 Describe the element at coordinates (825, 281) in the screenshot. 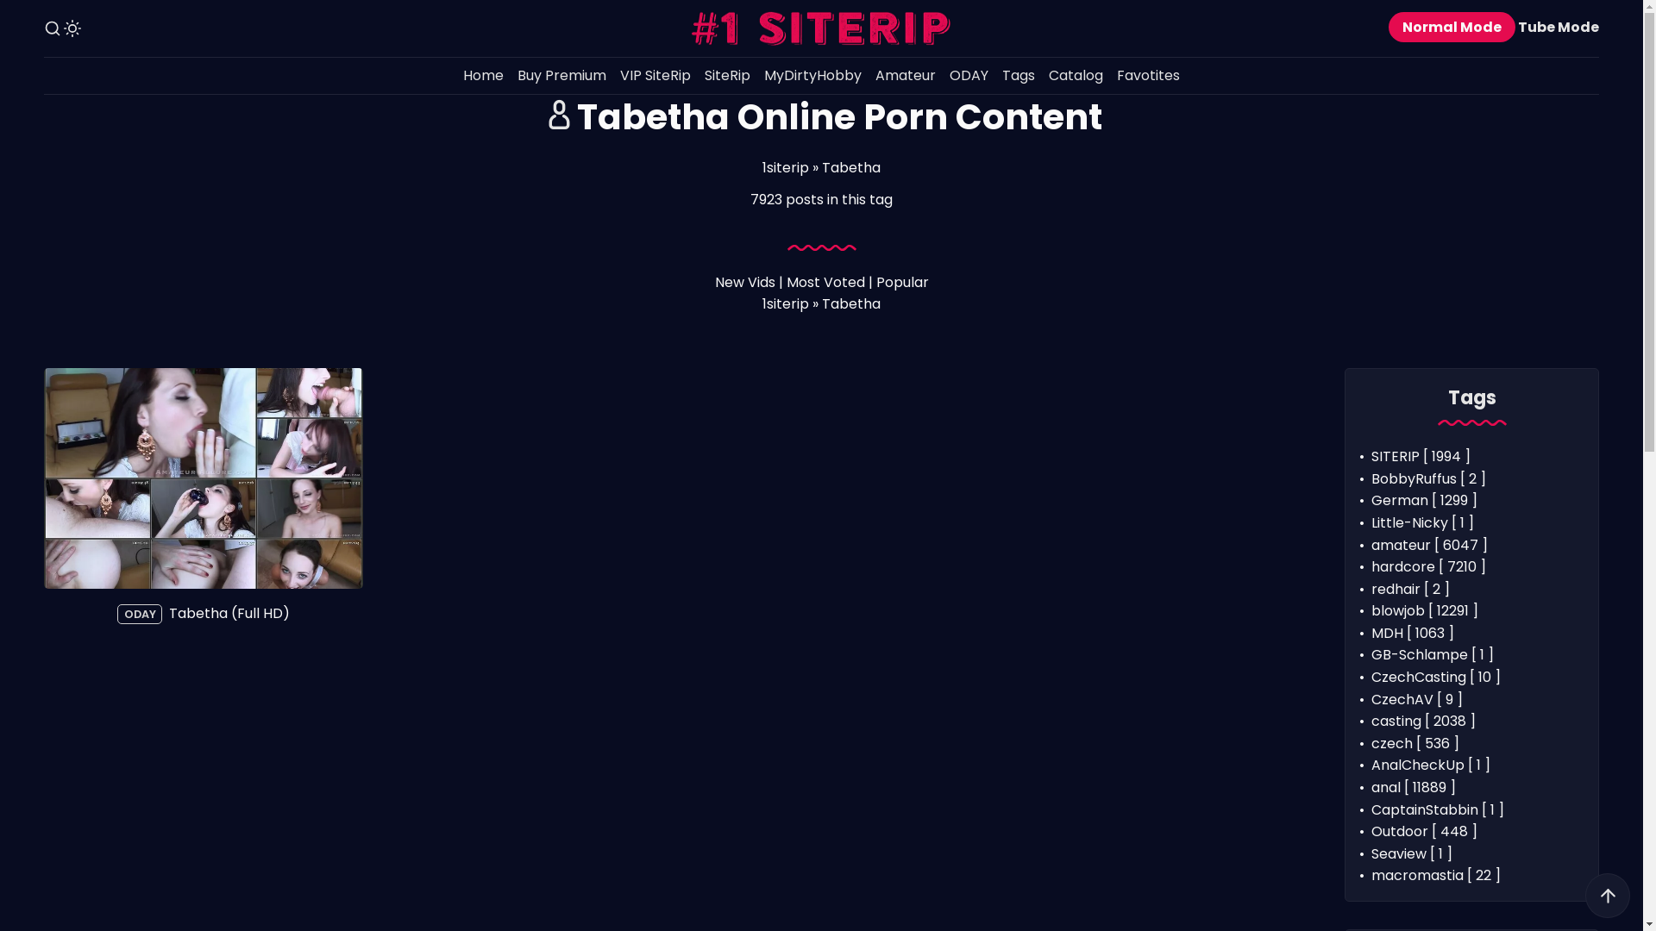

I see `'Most Voted'` at that location.